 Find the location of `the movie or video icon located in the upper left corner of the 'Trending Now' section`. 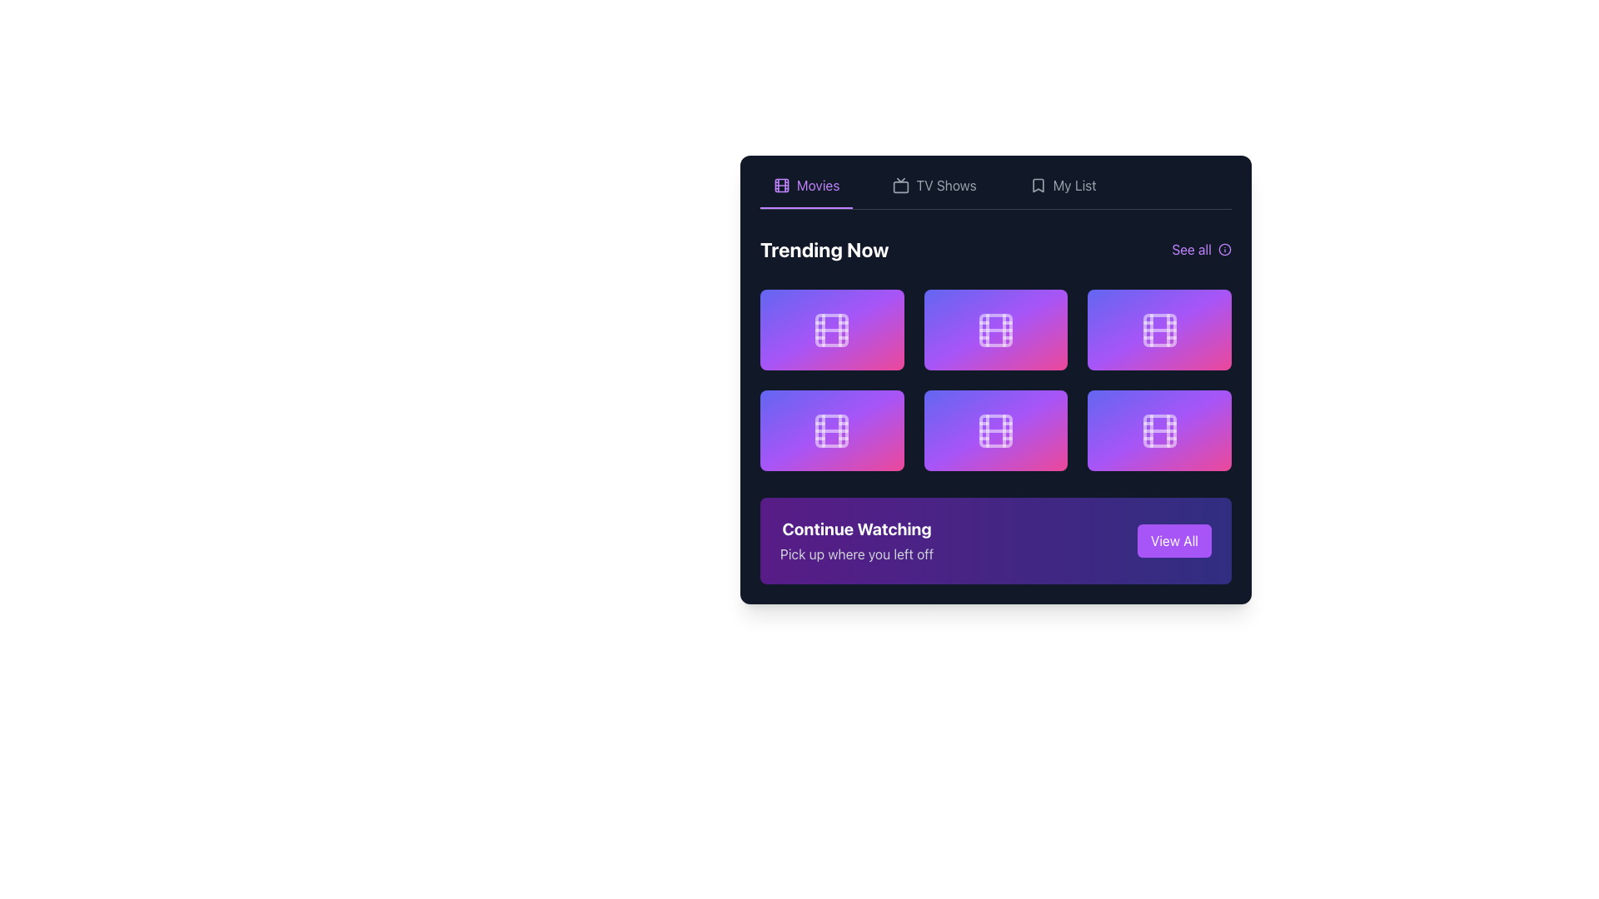

the movie or video icon located in the upper left corner of the 'Trending Now' section is located at coordinates (832, 330).